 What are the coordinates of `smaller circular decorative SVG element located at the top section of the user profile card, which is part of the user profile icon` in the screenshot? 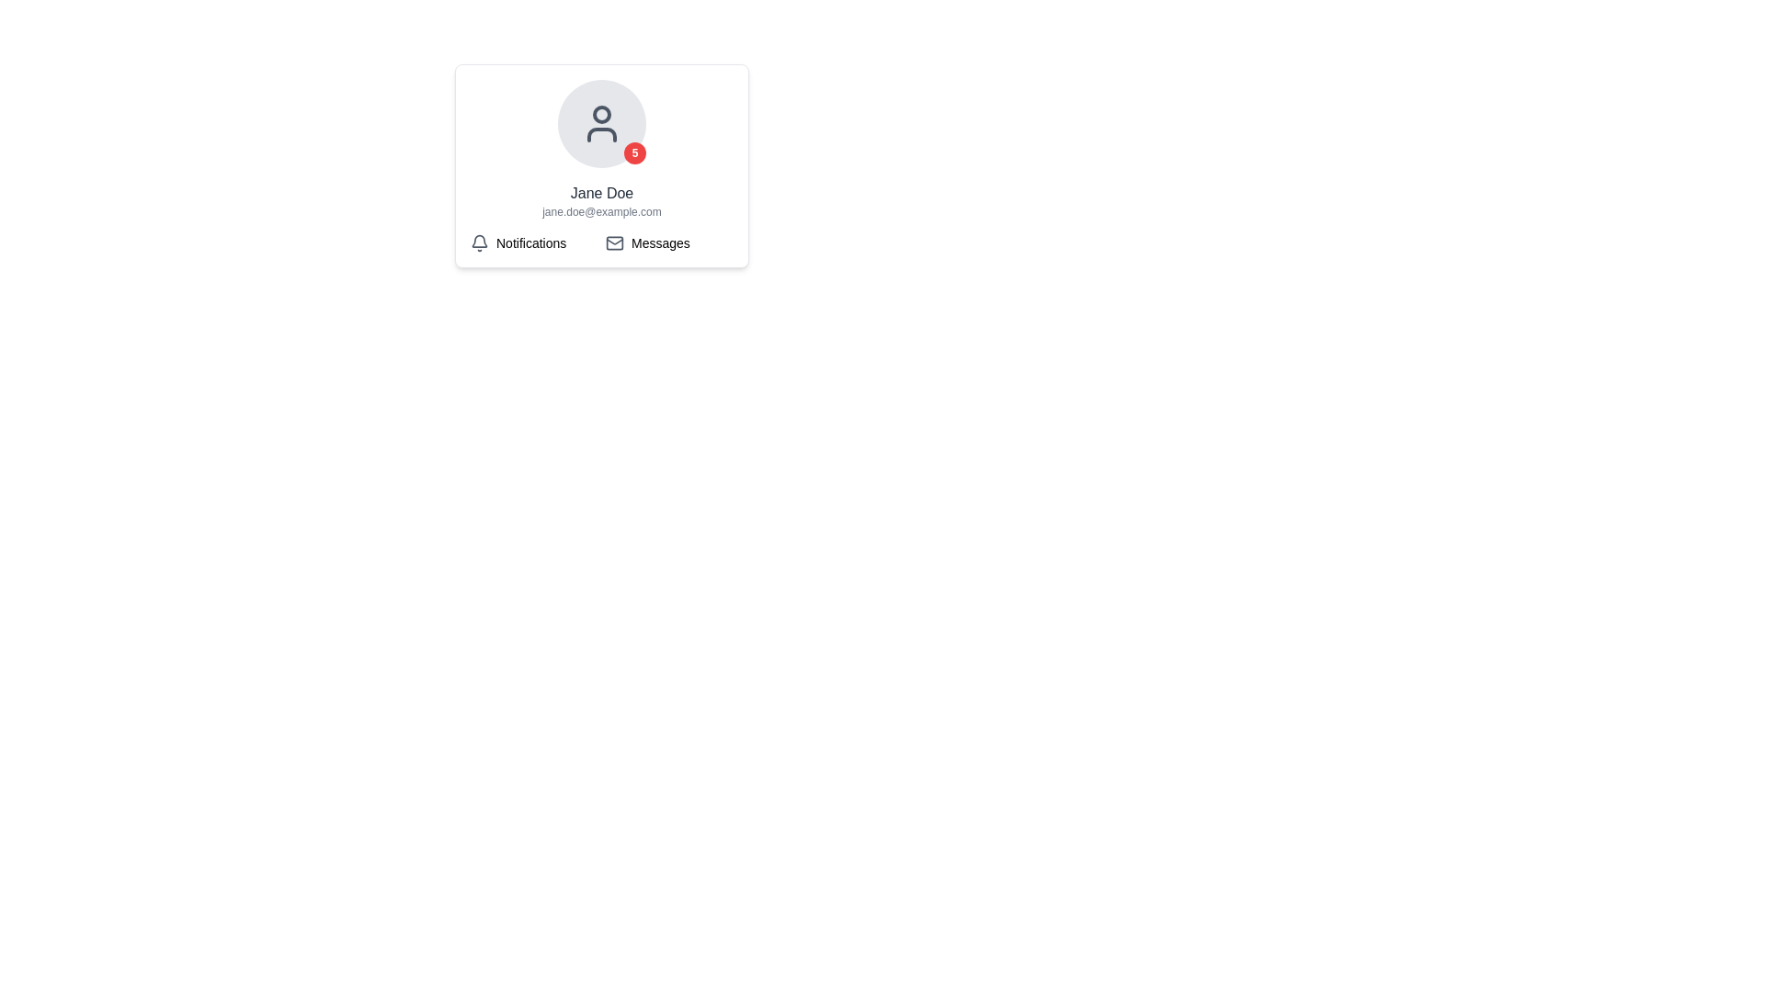 It's located at (601, 114).